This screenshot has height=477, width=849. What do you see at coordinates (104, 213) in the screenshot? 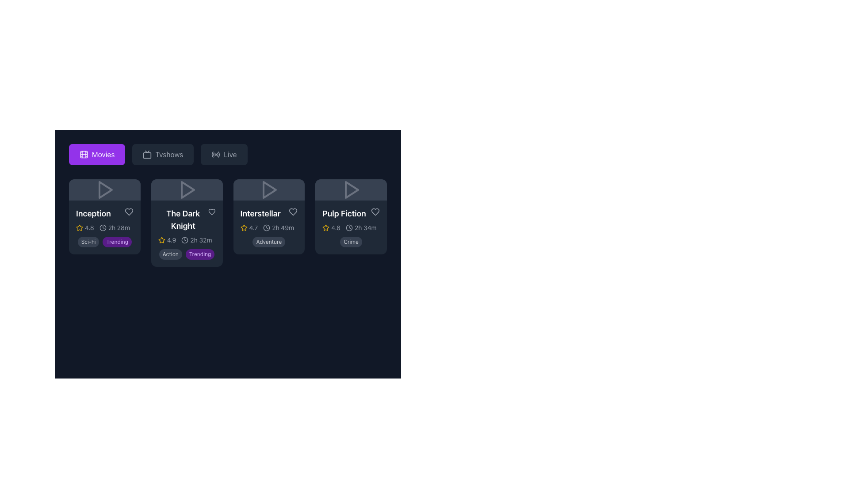
I see `title text of the media card, which is located in the top-left corner of the card area, above the rating and runtime information` at bounding box center [104, 213].